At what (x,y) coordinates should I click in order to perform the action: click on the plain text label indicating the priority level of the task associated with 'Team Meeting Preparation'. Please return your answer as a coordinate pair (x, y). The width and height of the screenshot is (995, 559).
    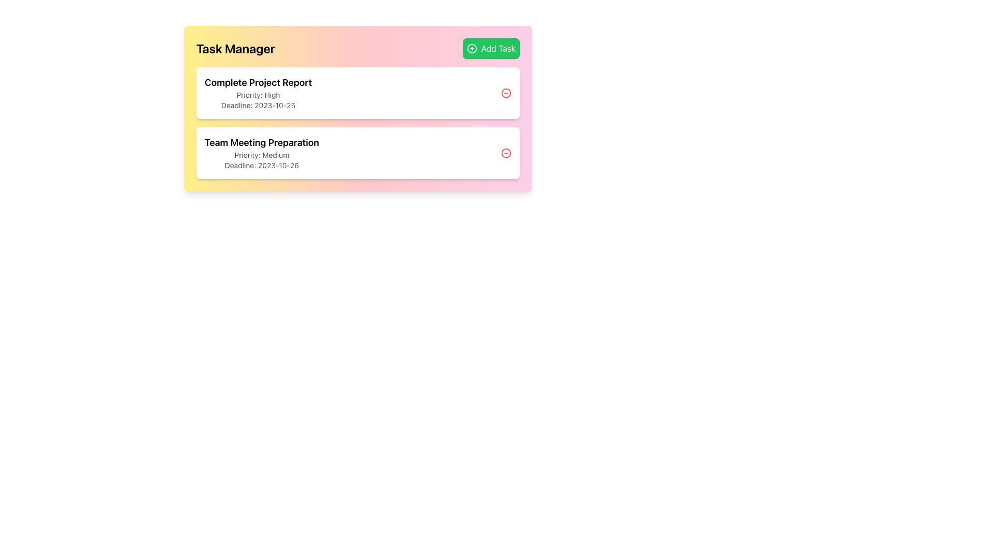
    Looking at the image, I should click on (262, 155).